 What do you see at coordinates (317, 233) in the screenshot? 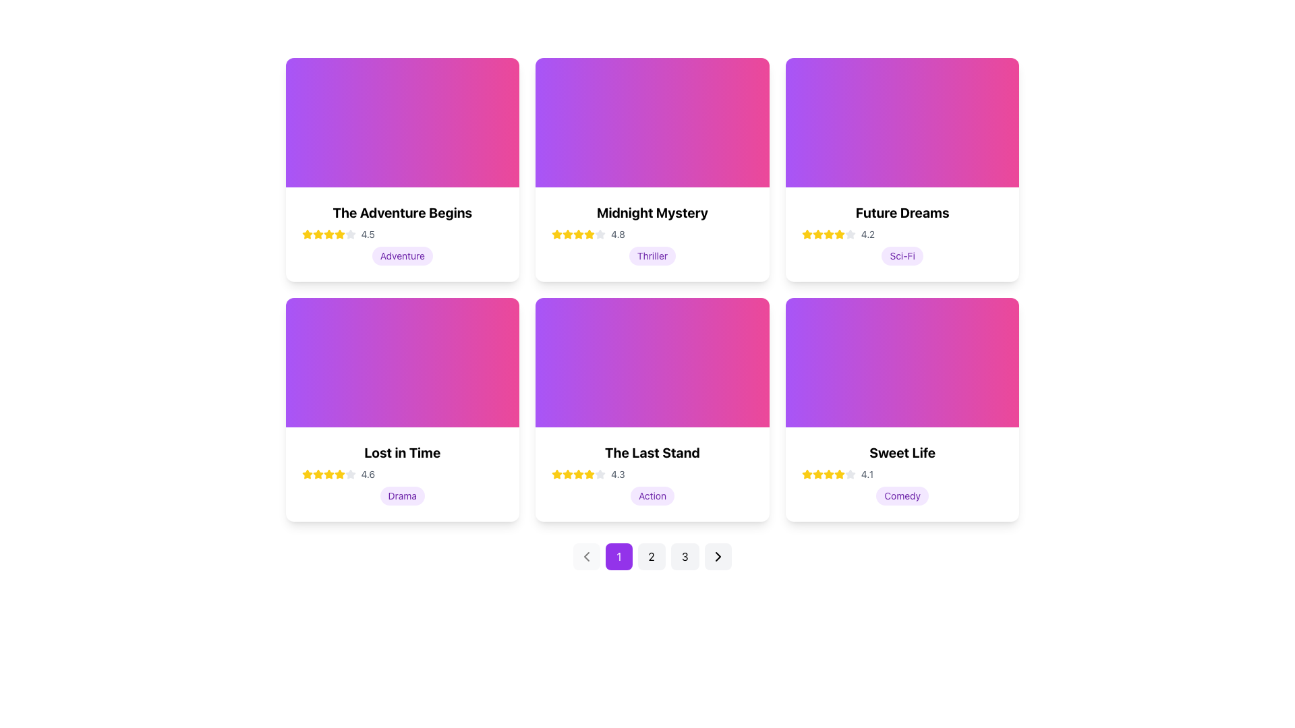
I see `the second star icon with a yellow fill in the rating system under the title 'The Adventure Begins' to interact with the rating system` at bounding box center [317, 233].